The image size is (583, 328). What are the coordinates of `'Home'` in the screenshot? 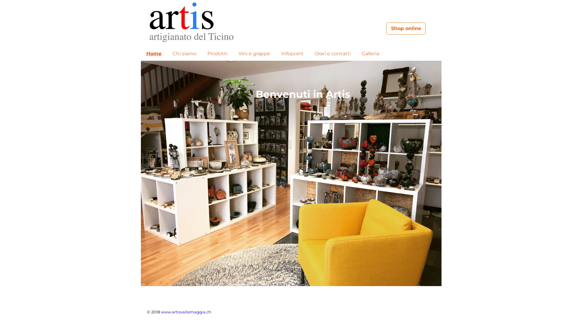 It's located at (154, 53).